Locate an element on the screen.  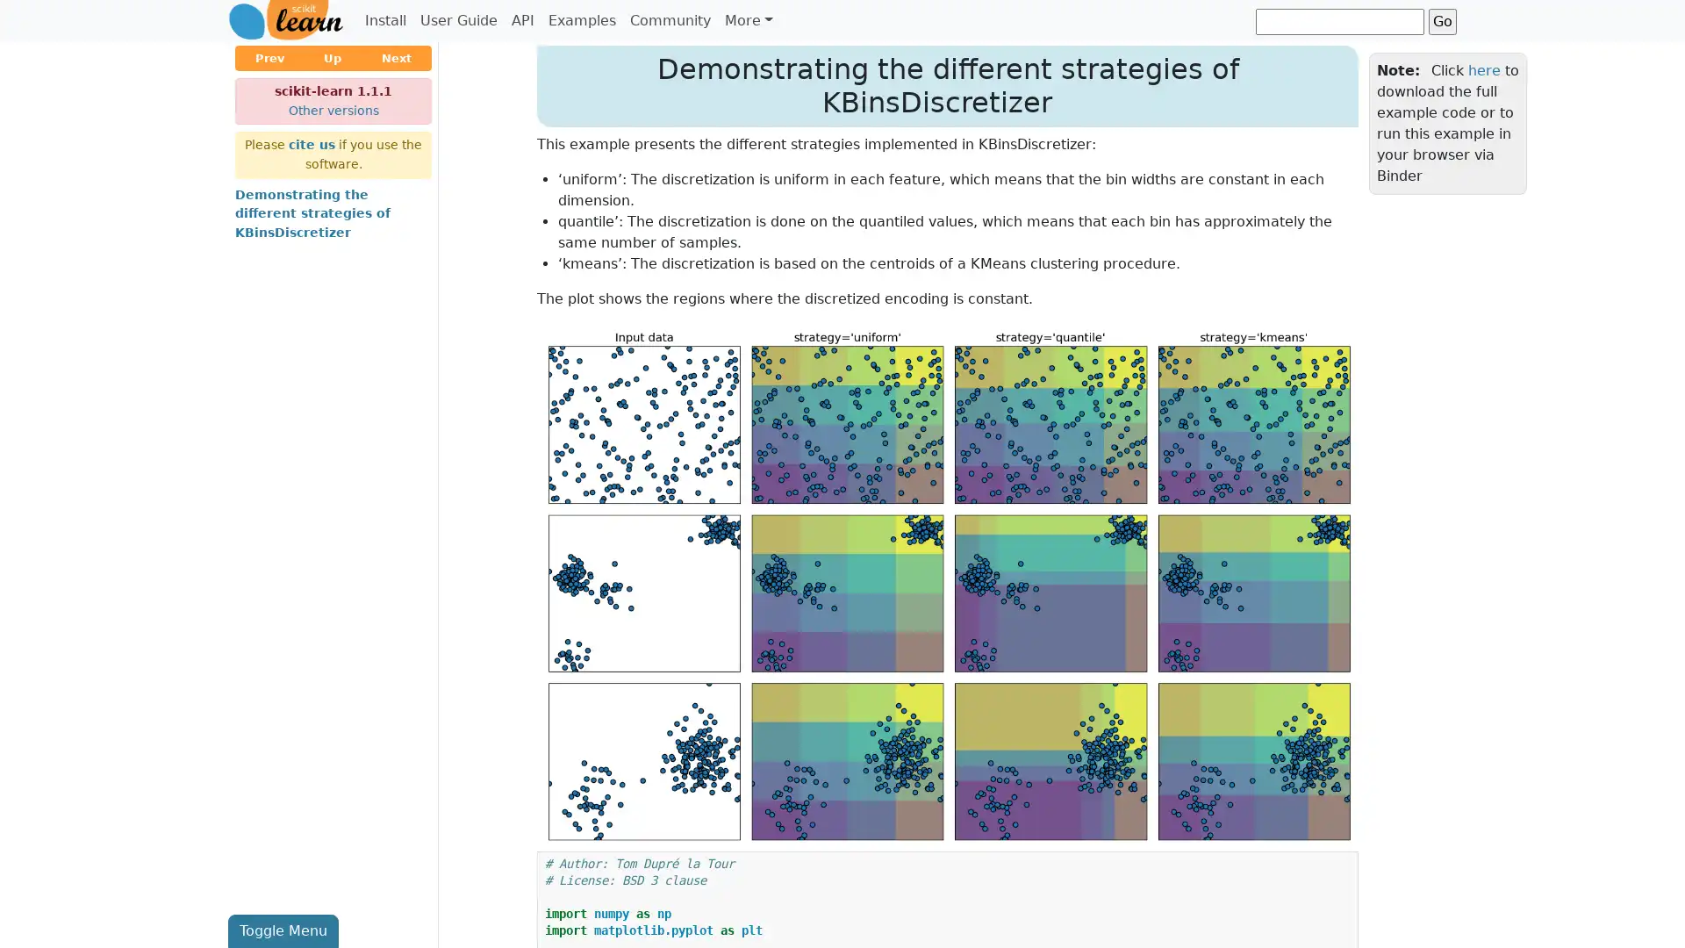
Go is located at coordinates (1442, 20).